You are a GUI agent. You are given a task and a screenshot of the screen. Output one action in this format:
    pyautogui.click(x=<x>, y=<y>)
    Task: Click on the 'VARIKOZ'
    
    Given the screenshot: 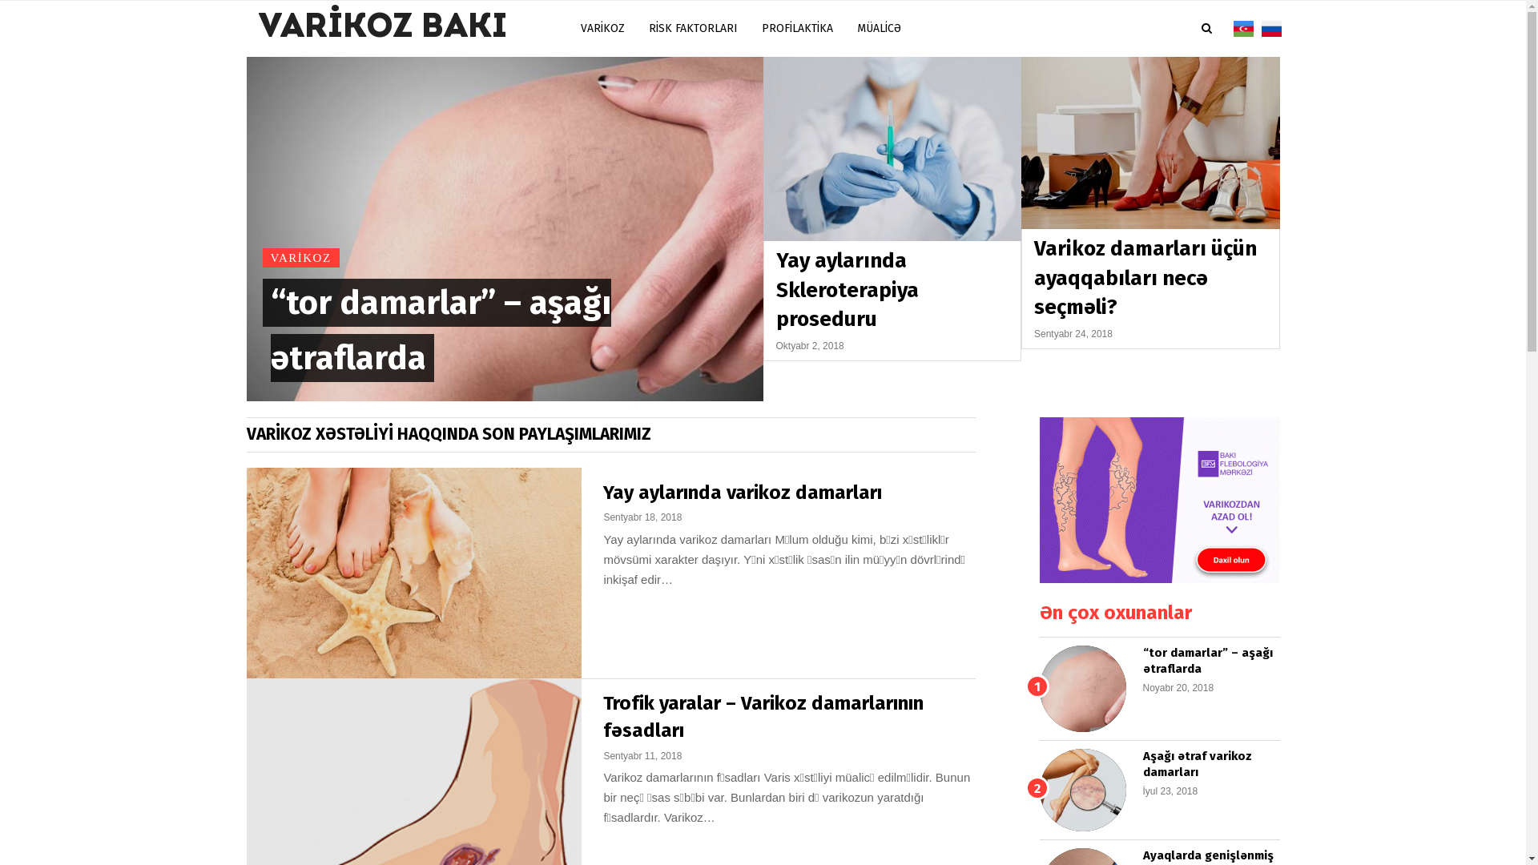 What is the action you would take?
    pyautogui.click(x=300, y=256)
    